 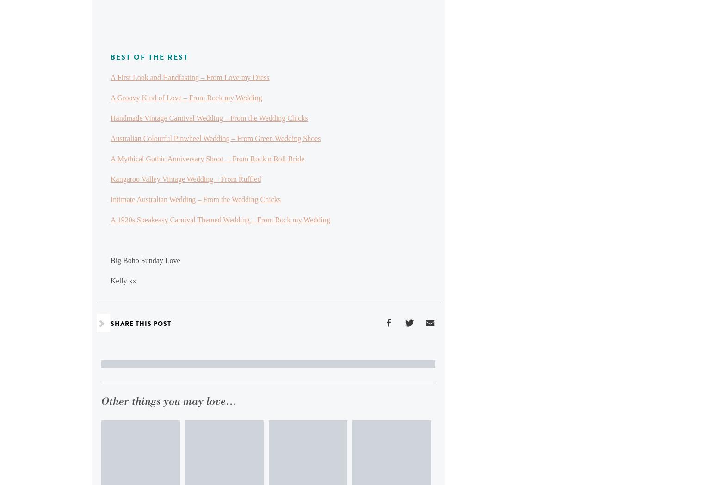 What do you see at coordinates (209, 117) in the screenshot?
I see `'Handmade Vintage Carnival Wedding – From the Wedding Chicks'` at bounding box center [209, 117].